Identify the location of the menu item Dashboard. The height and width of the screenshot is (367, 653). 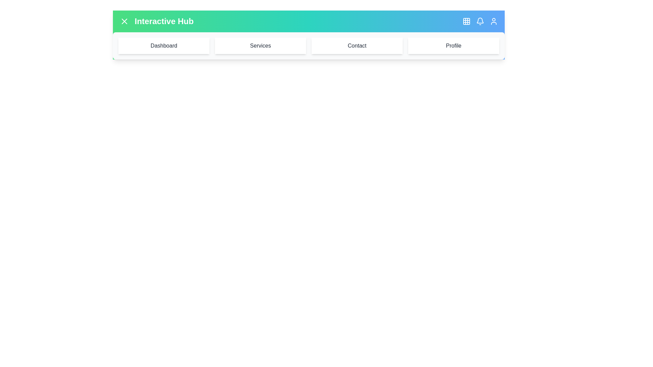
(164, 46).